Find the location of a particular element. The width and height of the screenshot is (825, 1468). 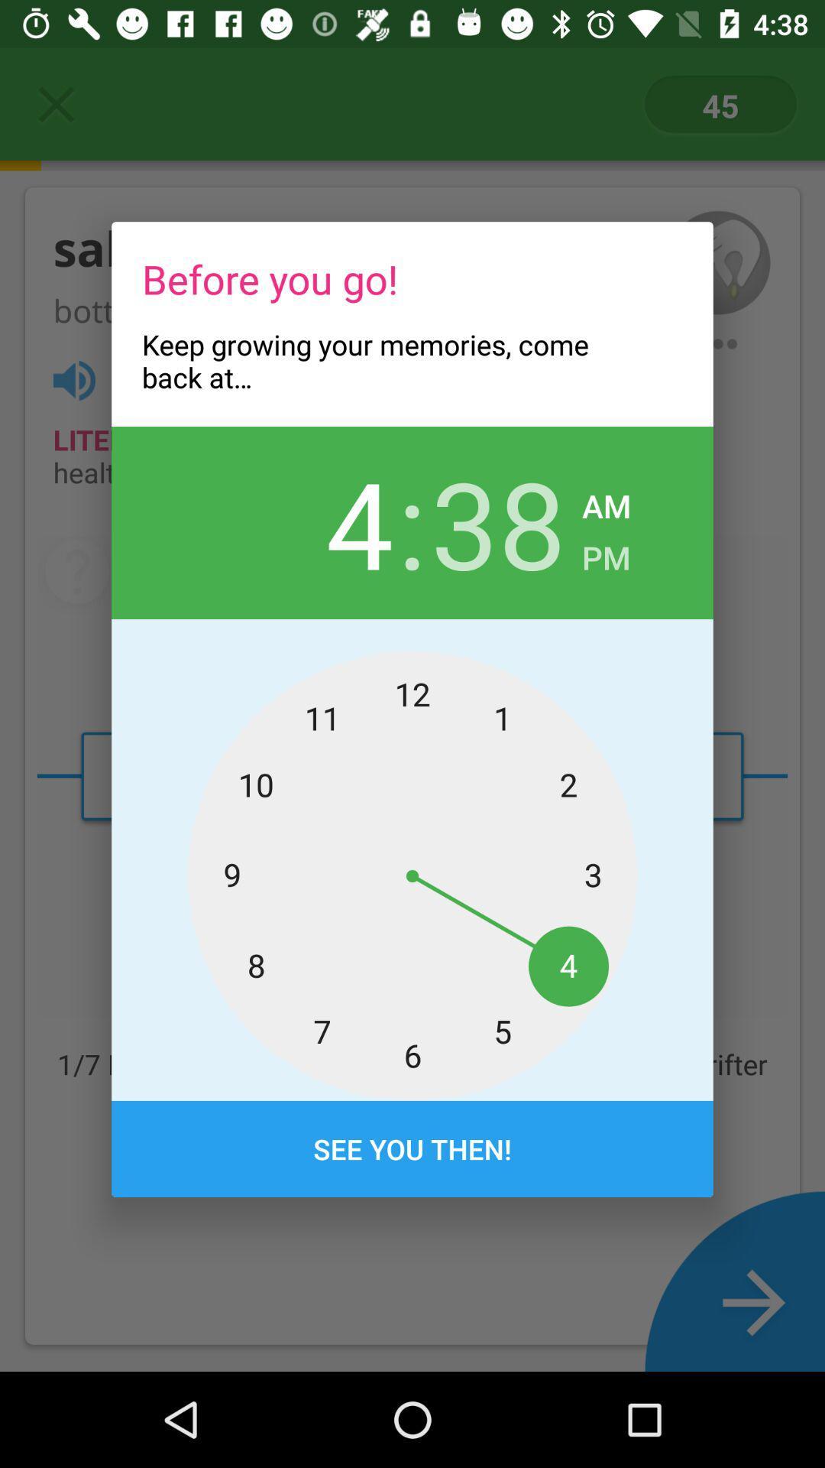

item to the right of 38 item is located at coordinates (605, 552).